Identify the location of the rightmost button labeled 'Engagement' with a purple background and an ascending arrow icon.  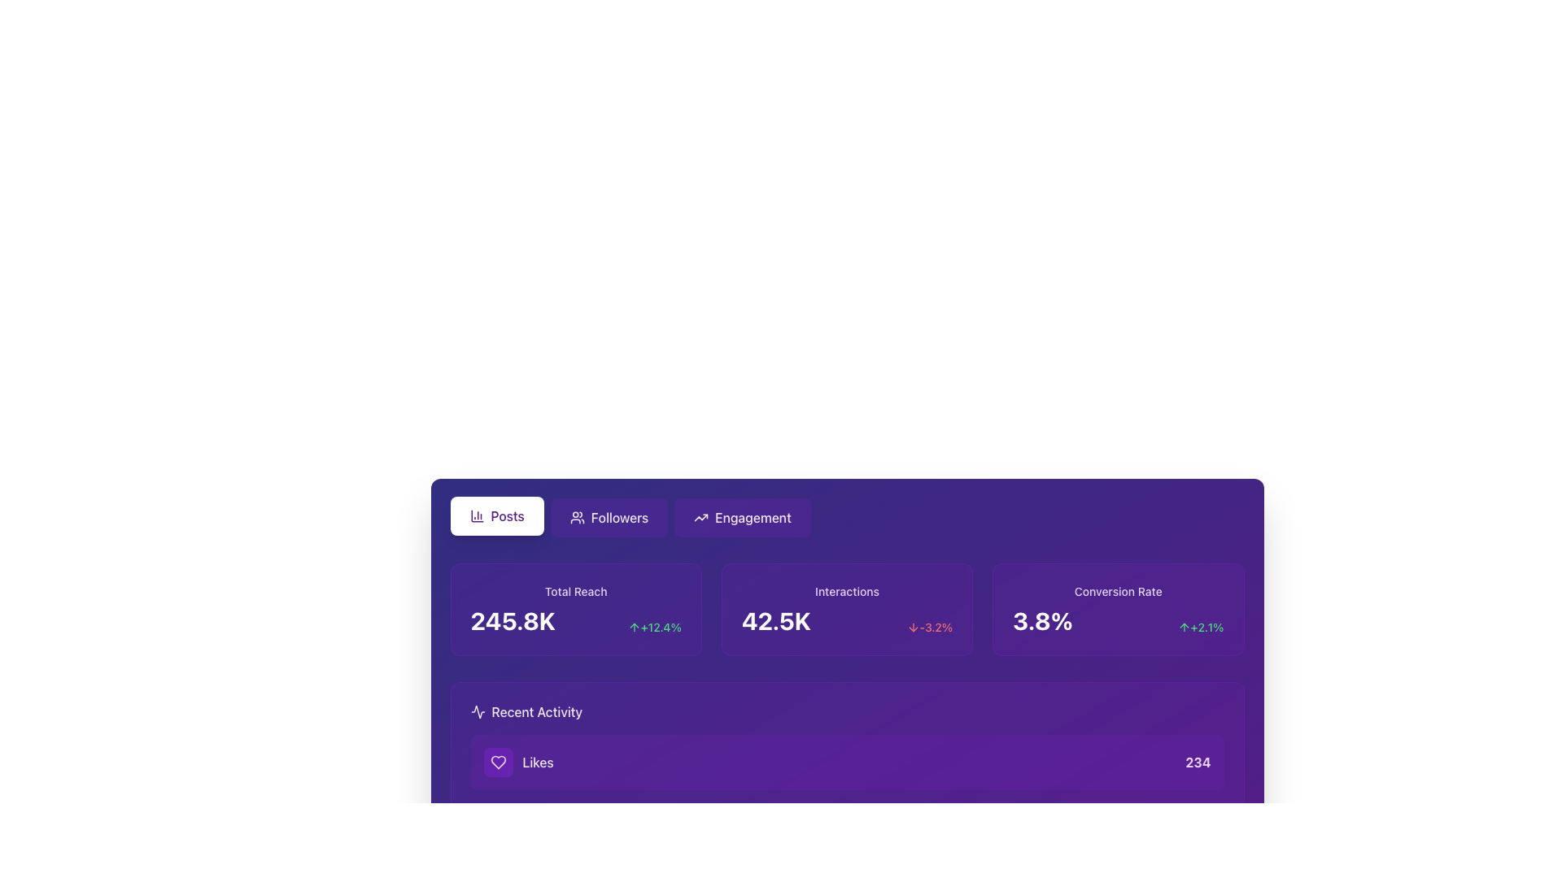
(741, 517).